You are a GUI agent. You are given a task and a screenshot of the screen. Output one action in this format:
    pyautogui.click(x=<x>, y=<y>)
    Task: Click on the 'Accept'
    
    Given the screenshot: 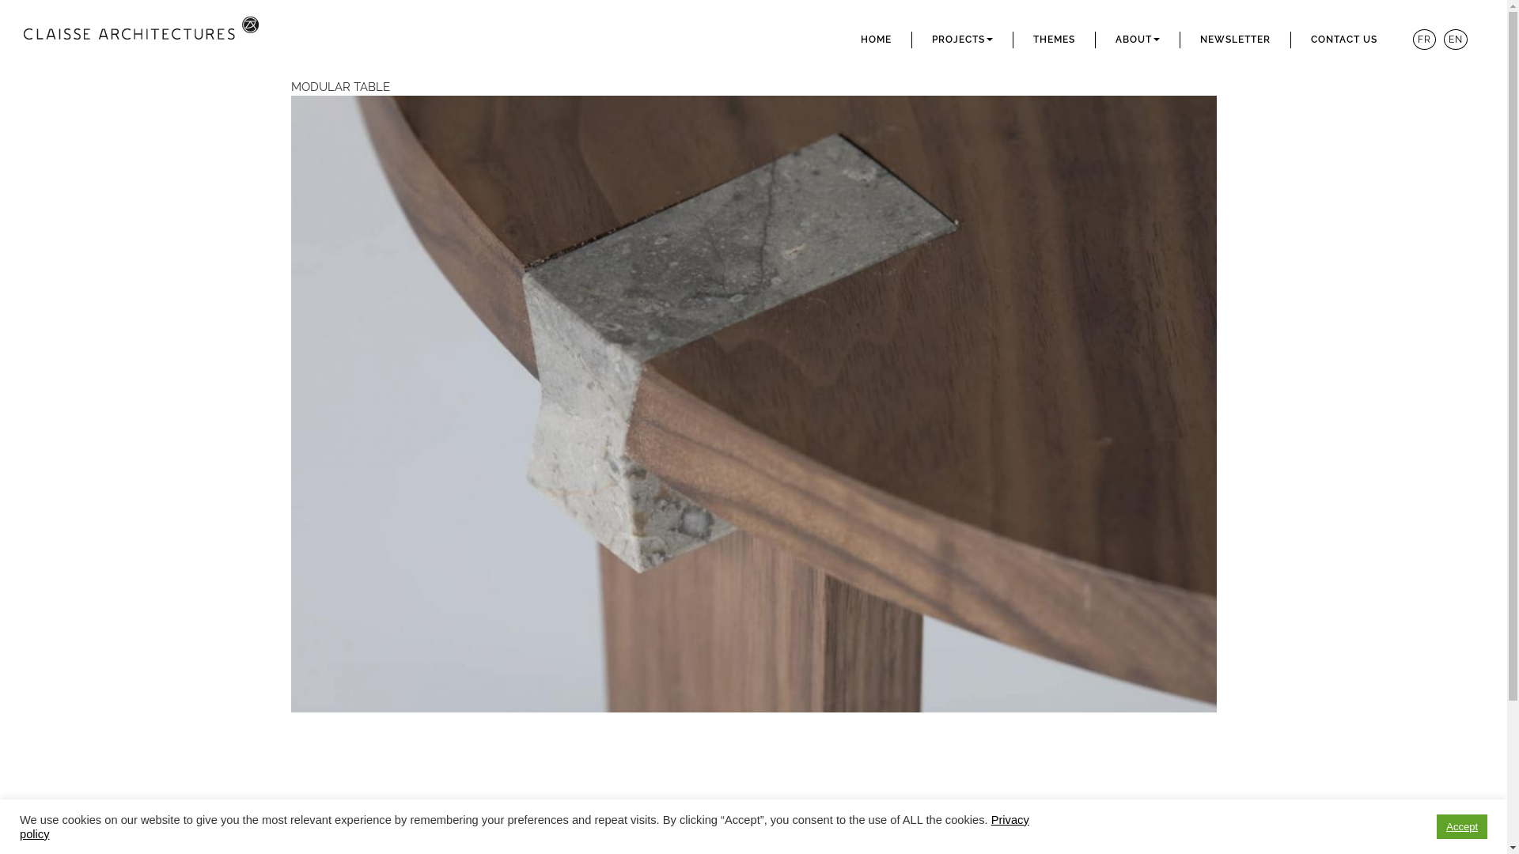 What is the action you would take?
    pyautogui.click(x=1461, y=826)
    